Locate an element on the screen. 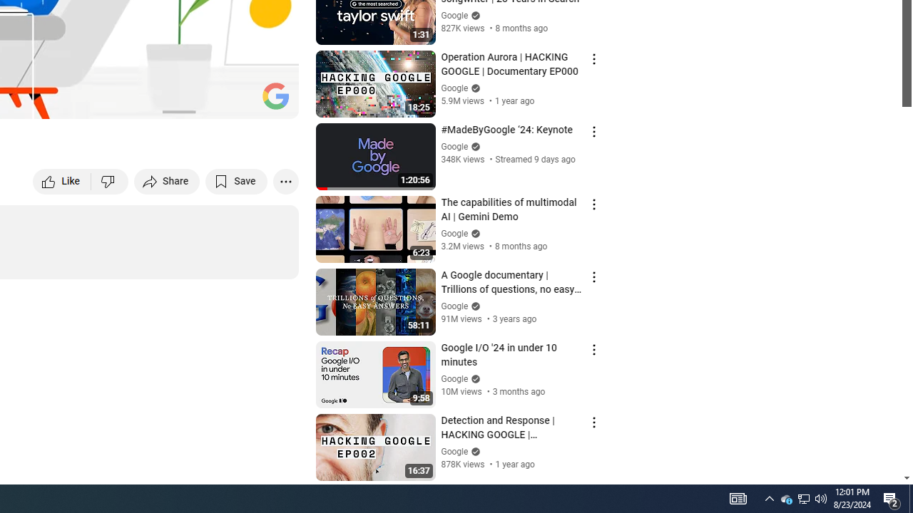 The image size is (913, 513). 'Theater mode (t)' is located at coordinates (238, 100).